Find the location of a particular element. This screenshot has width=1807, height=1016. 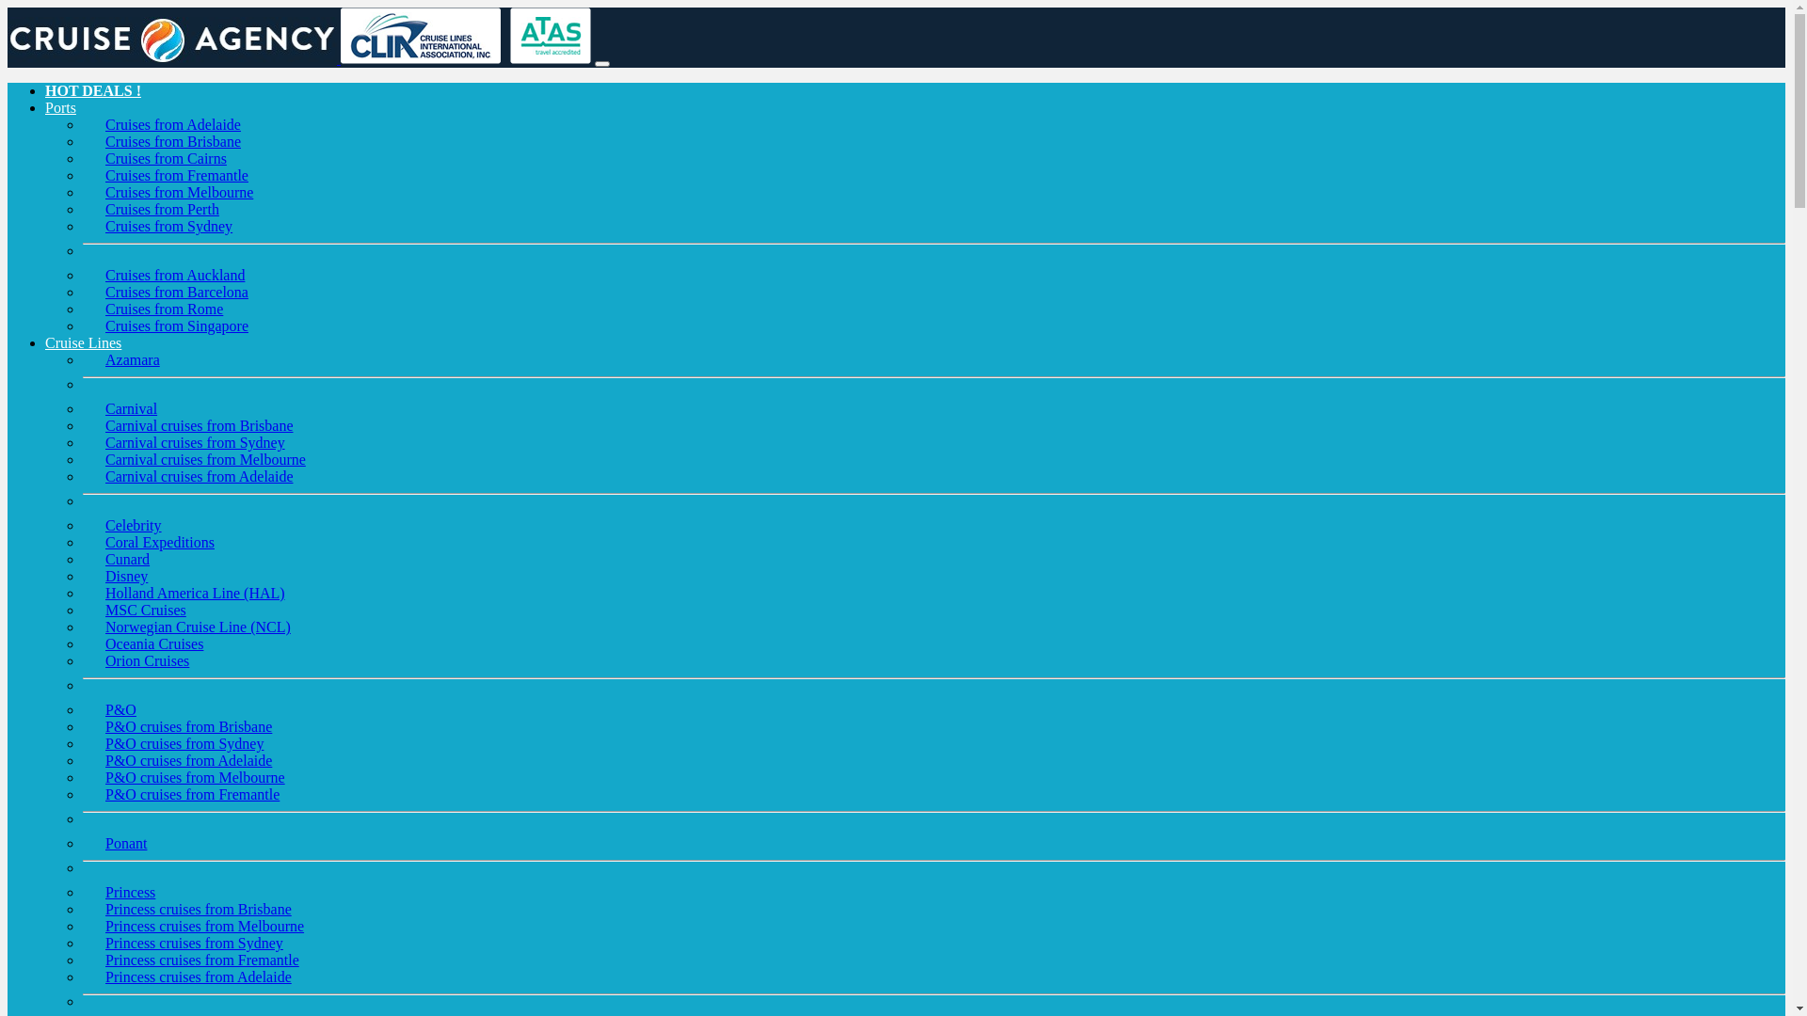

'Carnival cruises from Adelaide' is located at coordinates (199, 475).